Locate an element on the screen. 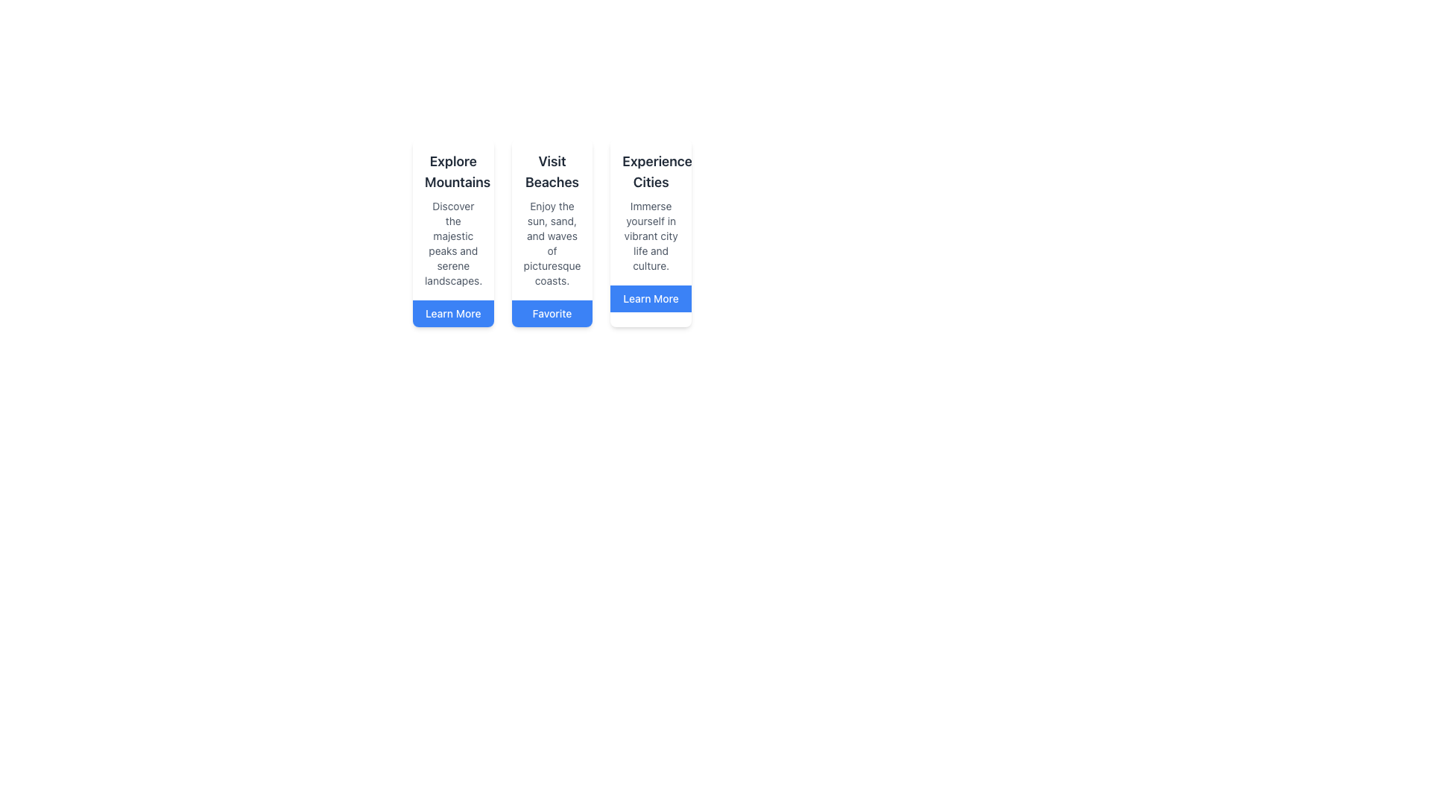 The image size is (1431, 805). the button located at the bottom of the 'Explore Mountains' card is located at coordinates (452, 312).